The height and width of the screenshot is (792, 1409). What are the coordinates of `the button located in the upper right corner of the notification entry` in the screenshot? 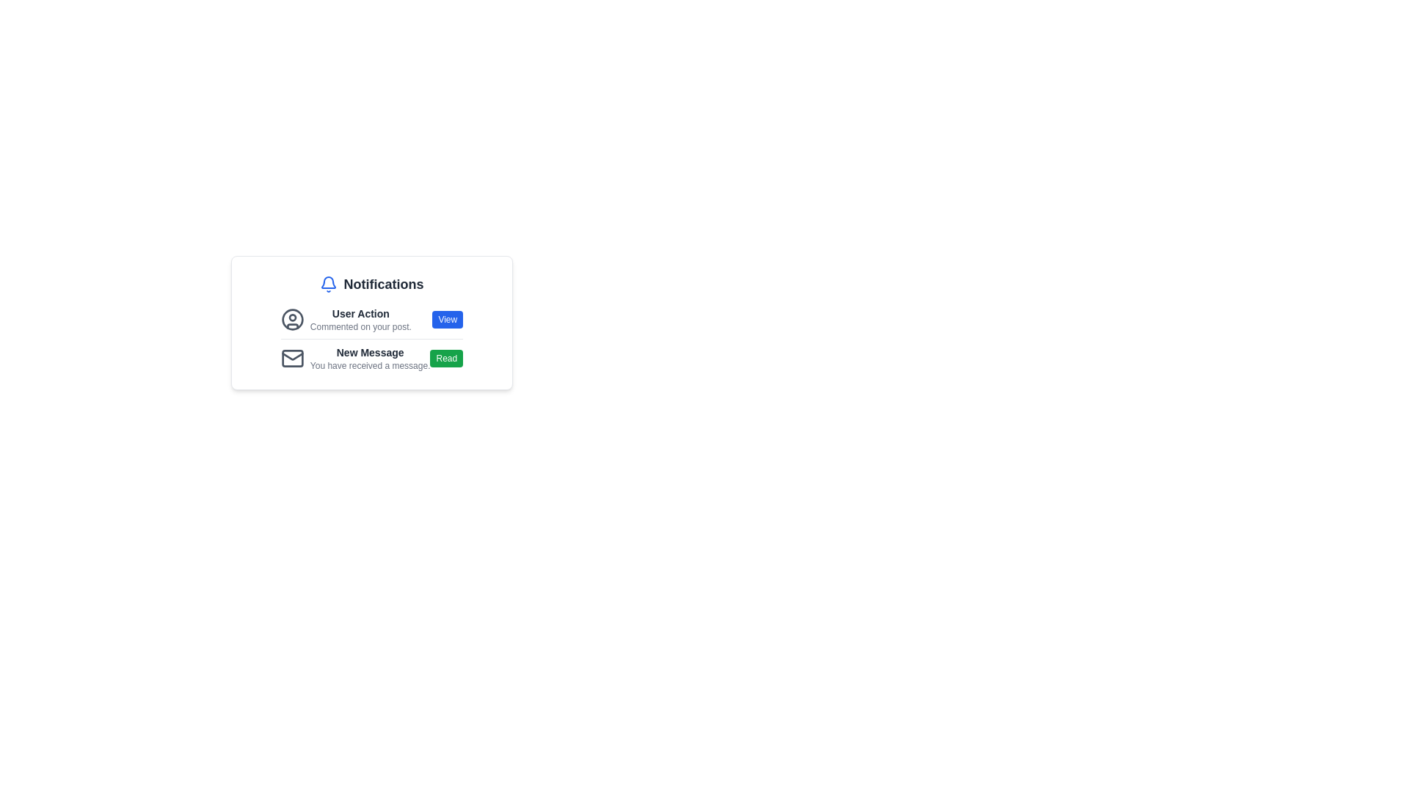 It's located at (447, 318).